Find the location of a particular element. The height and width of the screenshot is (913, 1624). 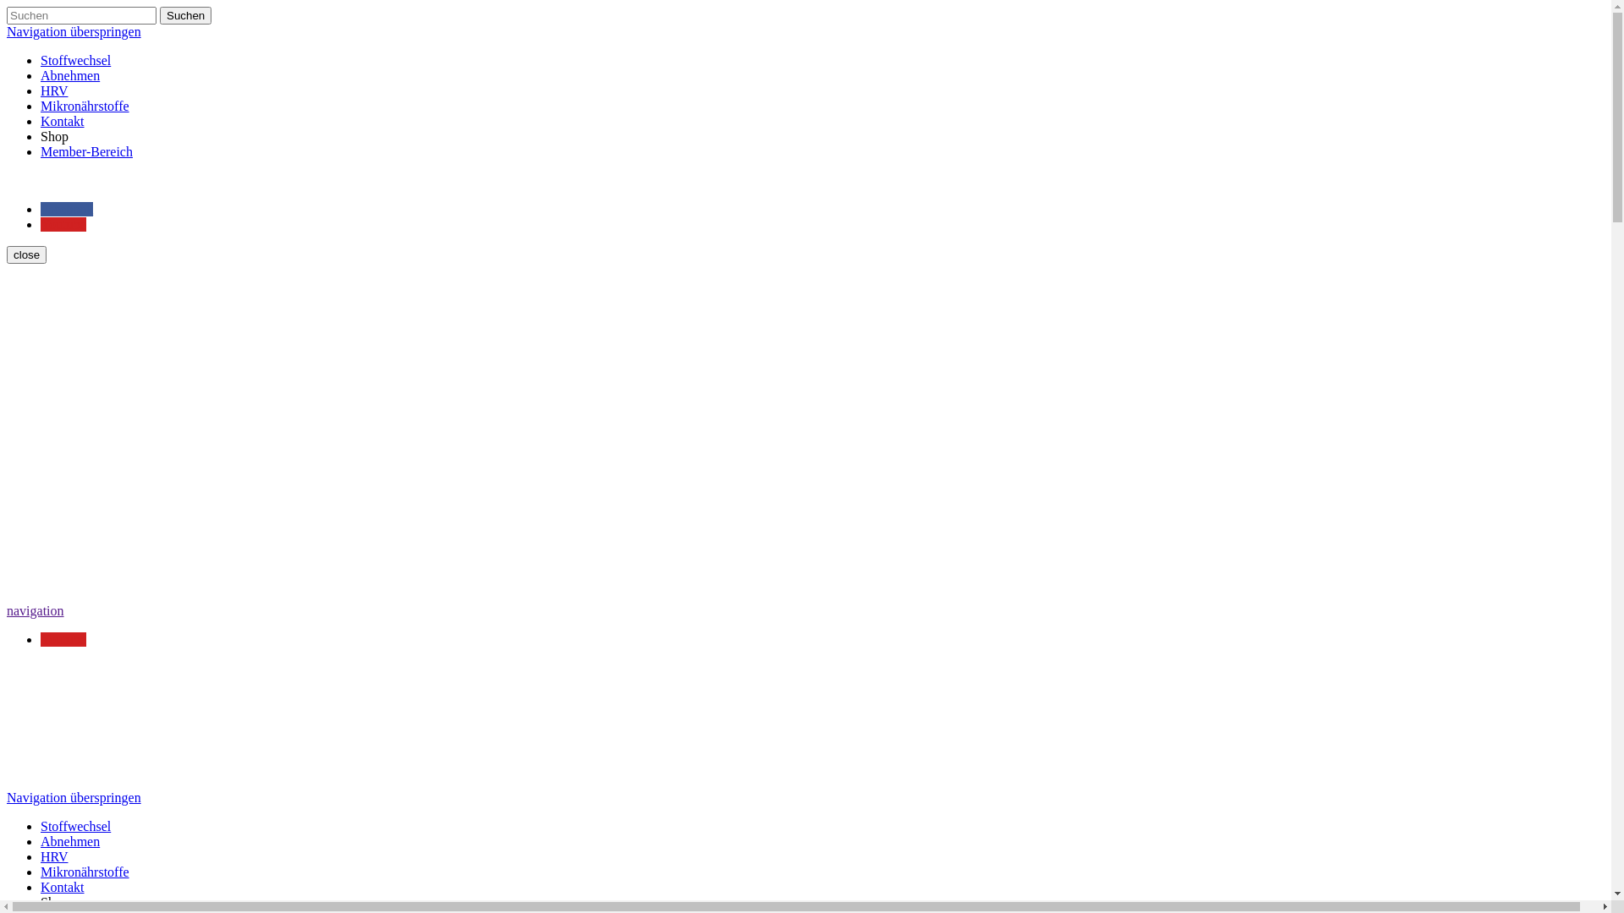

'Stoffwechsel' is located at coordinates (74, 825).